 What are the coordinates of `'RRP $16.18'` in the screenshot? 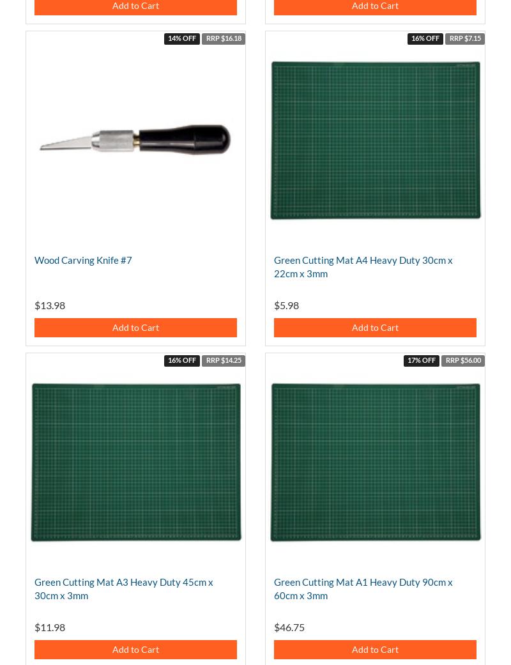 It's located at (223, 37).